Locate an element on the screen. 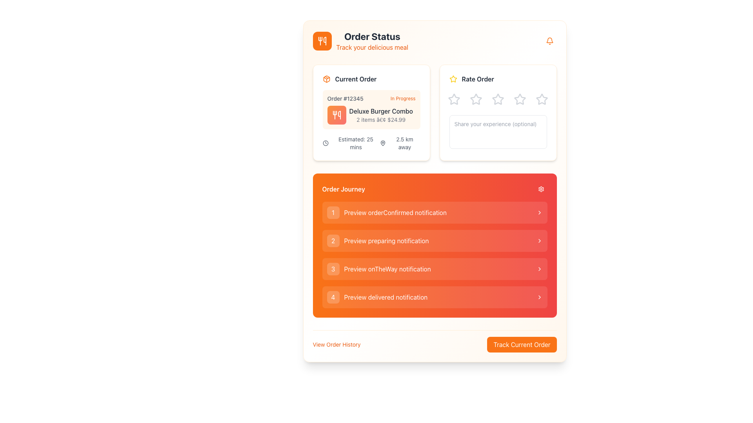 The width and height of the screenshot is (753, 423). the 'Order Journey' text label, which is displayed in bold white font on an orange background, located at the top-left corner of the notification section is located at coordinates (344, 189).